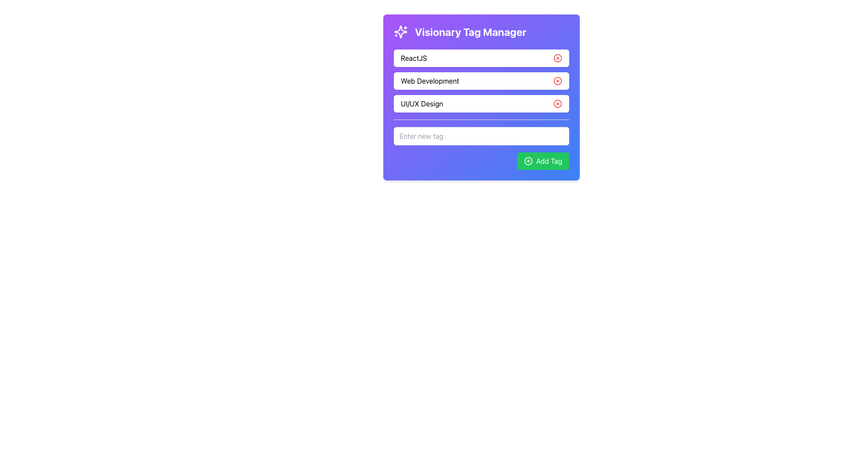  Describe the element at coordinates (557, 103) in the screenshot. I see `the SVG Circle that represents the delete action within the cross icon of the 'UI/UX Design' entry, which is the third item in the vertical list of tags` at that location.